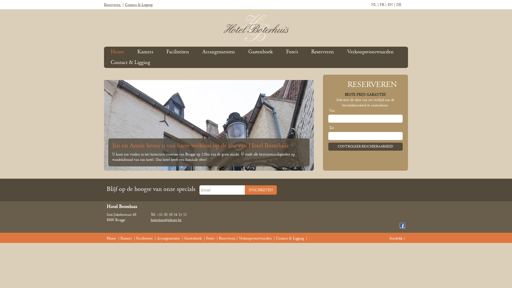 The height and width of the screenshot is (288, 512). Describe the element at coordinates (193, 238) in the screenshot. I see `'Gastenboek'` at that location.